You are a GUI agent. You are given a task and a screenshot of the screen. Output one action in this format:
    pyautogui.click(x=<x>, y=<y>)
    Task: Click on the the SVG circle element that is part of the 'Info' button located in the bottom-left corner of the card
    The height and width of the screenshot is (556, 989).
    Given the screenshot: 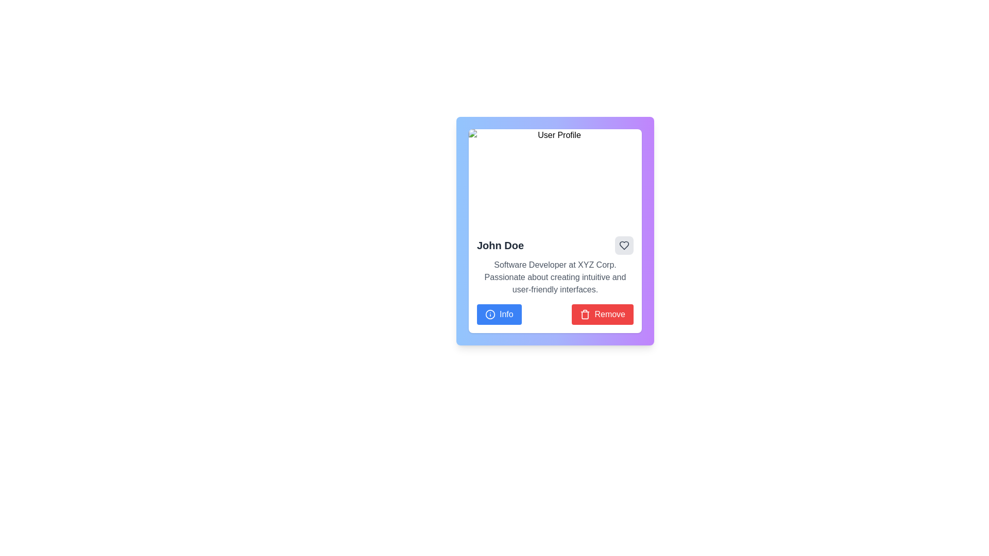 What is the action you would take?
    pyautogui.click(x=489, y=314)
    